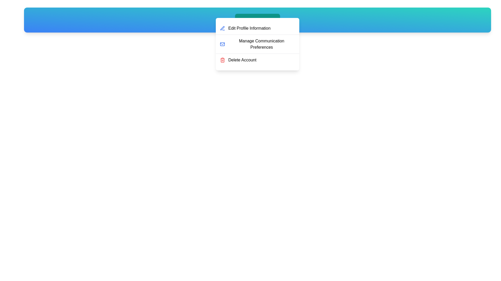 The image size is (501, 281). What do you see at coordinates (258, 20) in the screenshot?
I see `'Manage Profile' button to toggle the visibility of the menu` at bounding box center [258, 20].